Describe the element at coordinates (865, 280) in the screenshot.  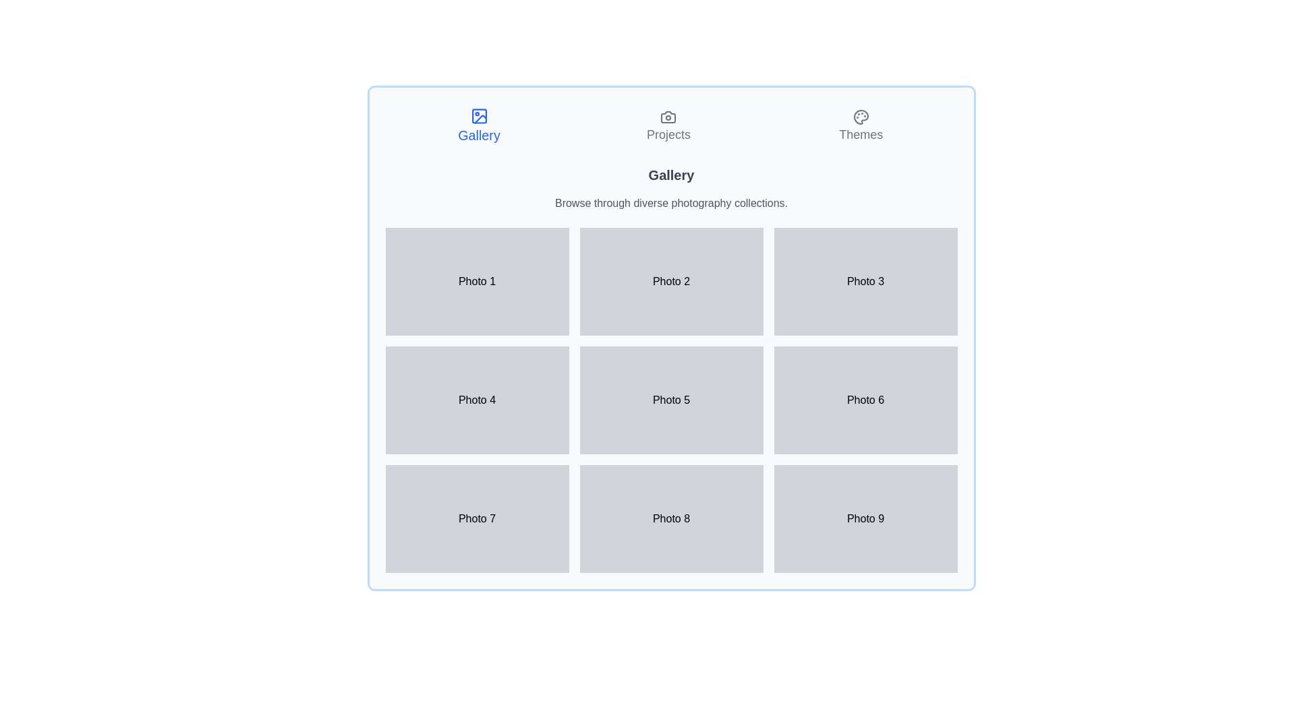
I see `the 'Photo 3' placeholder in the rightmost column of the first row in the 3x3 grid layout` at that location.